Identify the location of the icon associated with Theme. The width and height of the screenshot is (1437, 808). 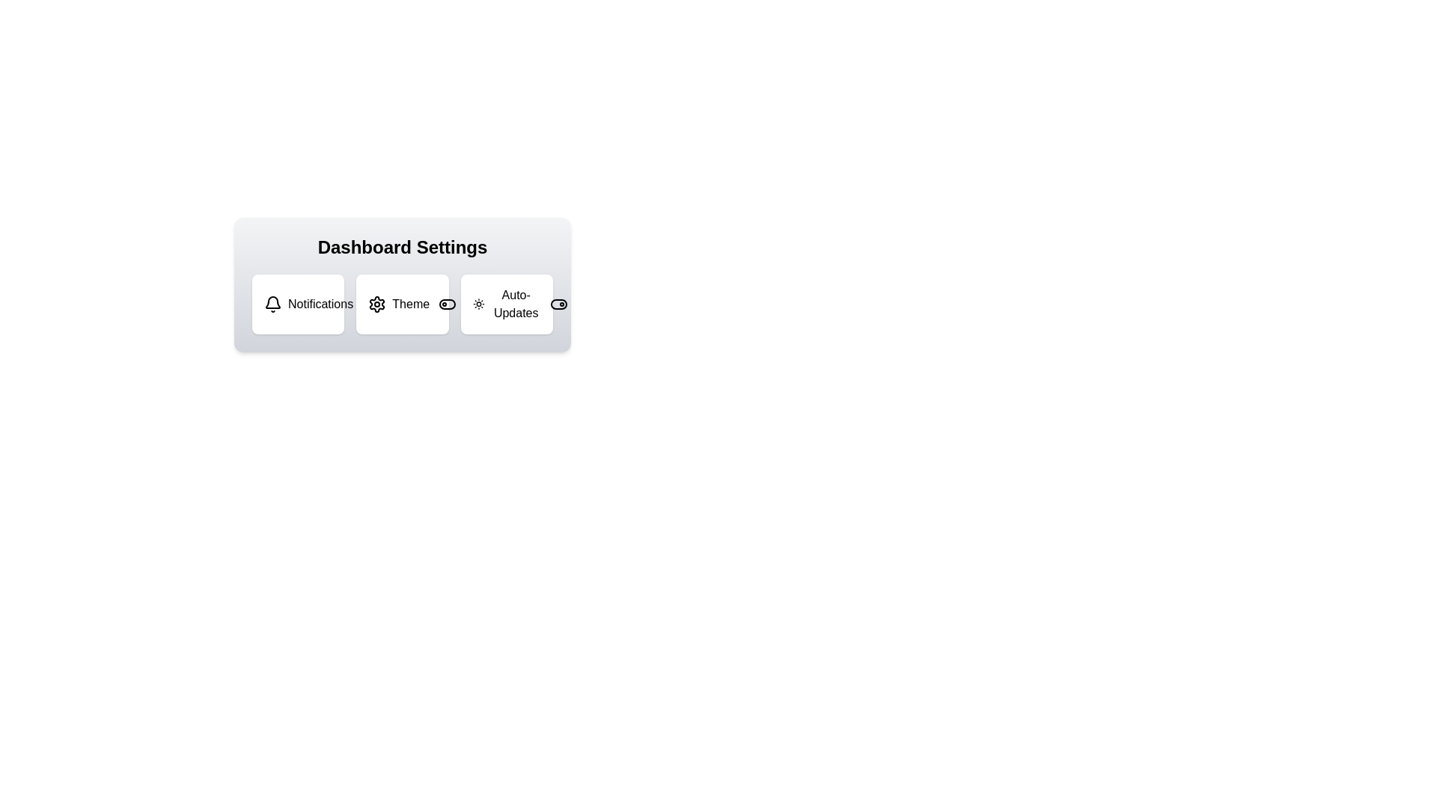
(377, 304).